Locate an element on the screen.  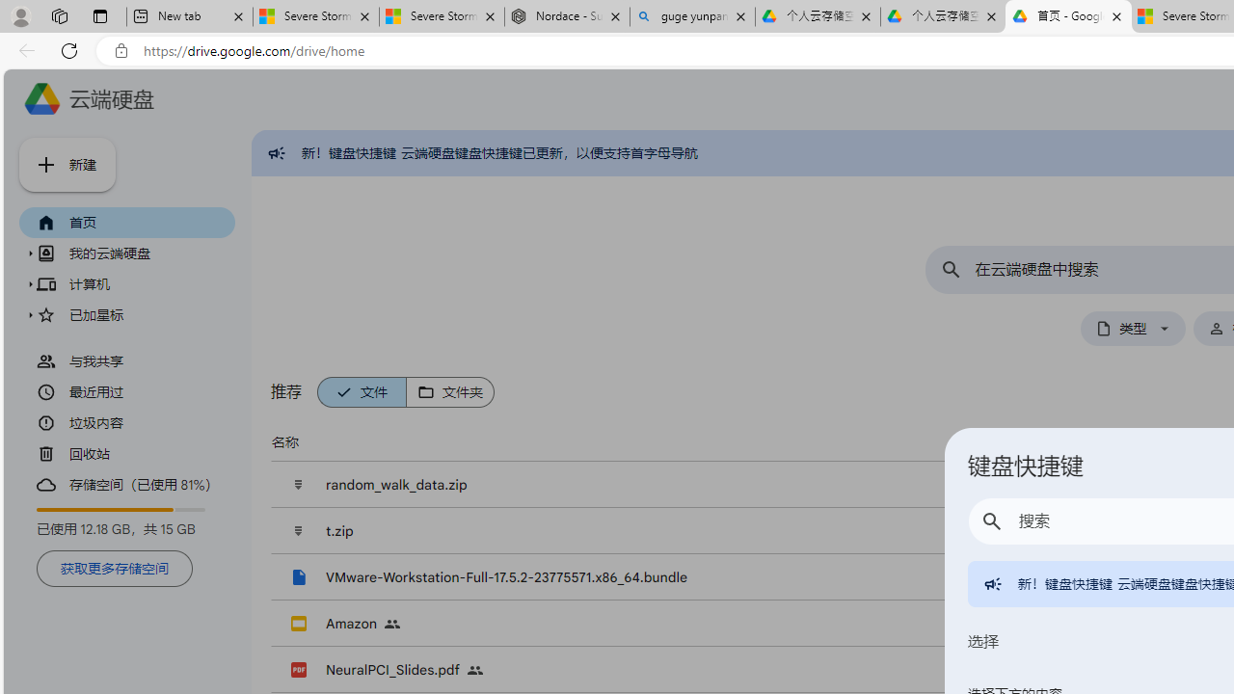
'guge yunpan - Search' is located at coordinates (692, 16).